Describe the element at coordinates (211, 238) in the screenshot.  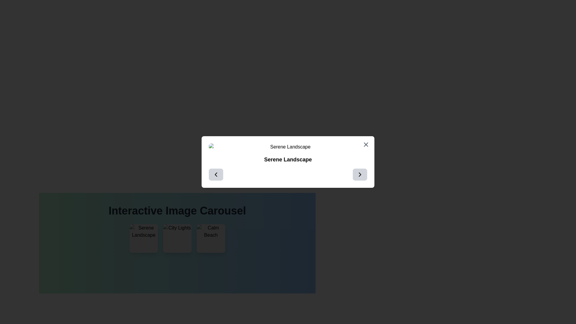
I see `the image with the alternative text 'Calm Beach'` at that location.